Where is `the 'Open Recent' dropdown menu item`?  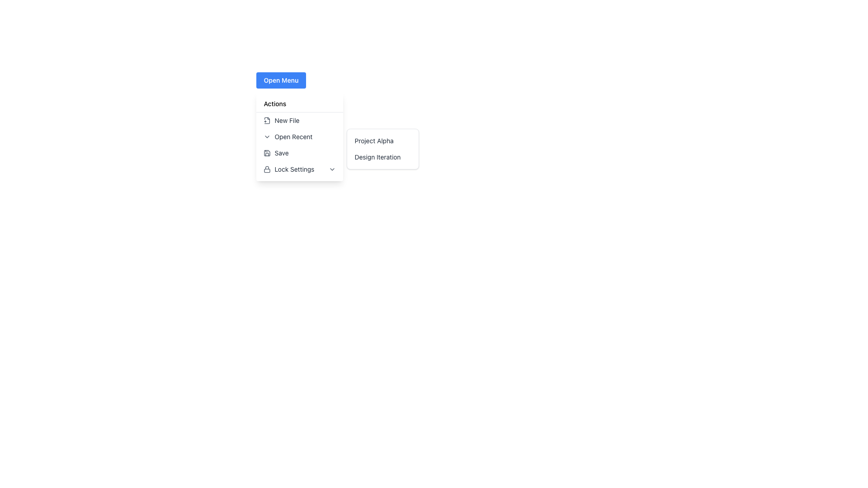
the 'Open Recent' dropdown menu item is located at coordinates (300, 136).